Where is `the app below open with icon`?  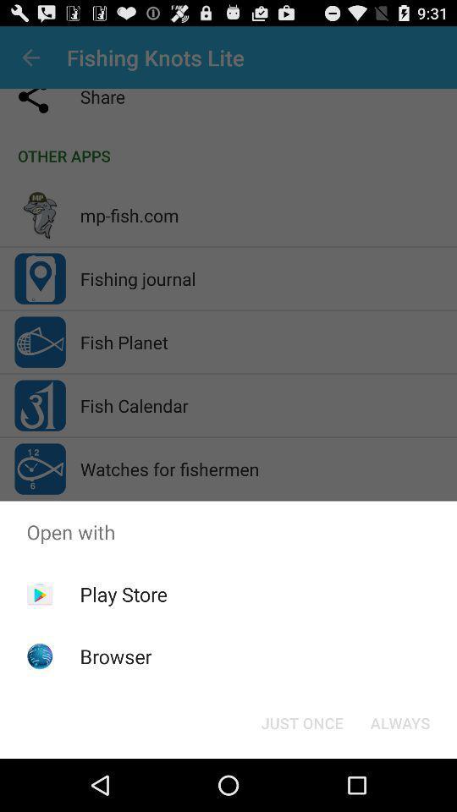
the app below open with icon is located at coordinates (399, 721).